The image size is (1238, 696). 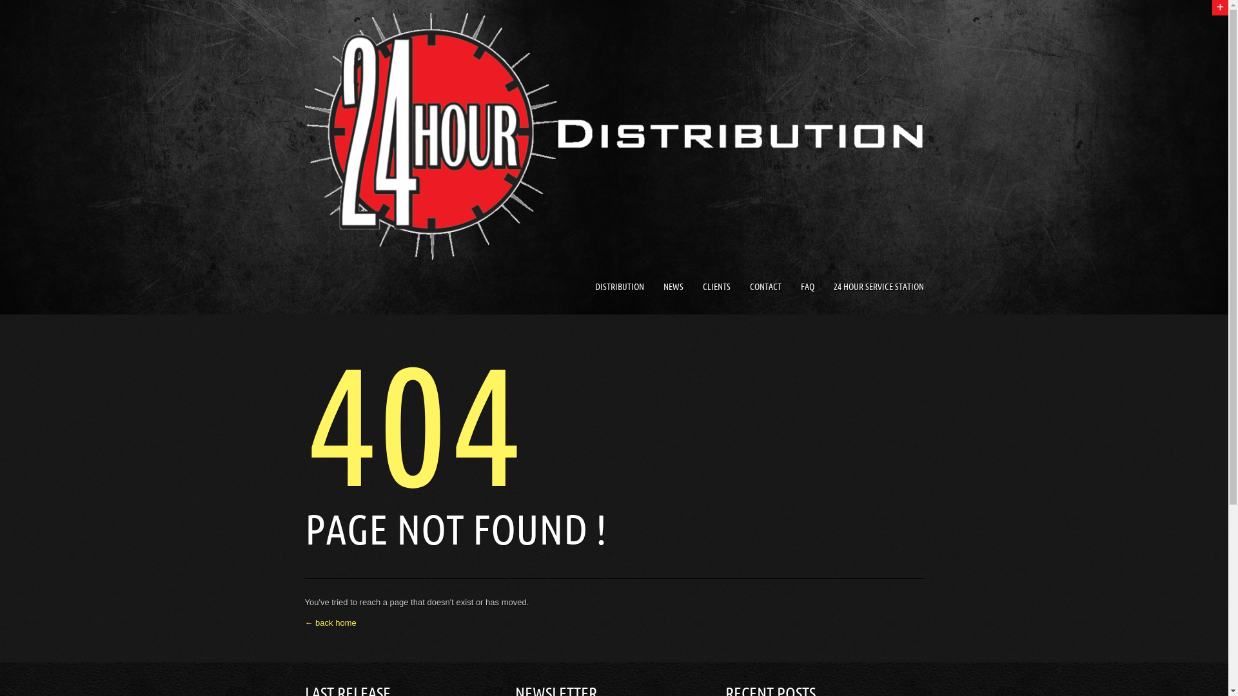 I want to click on 'CLIENTS', so click(x=716, y=286).